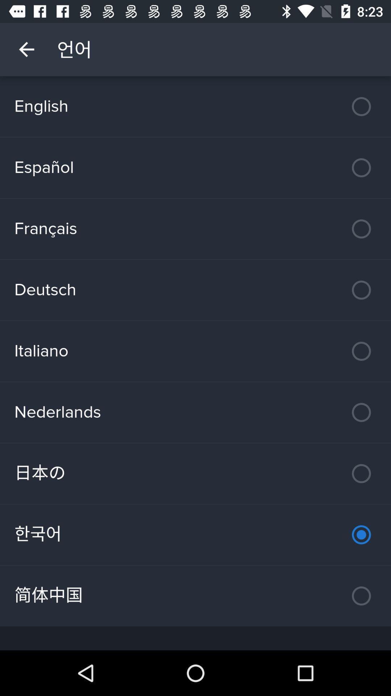 The width and height of the screenshot is (391, 696). I want to click on item above english icon, so click(26, 49).